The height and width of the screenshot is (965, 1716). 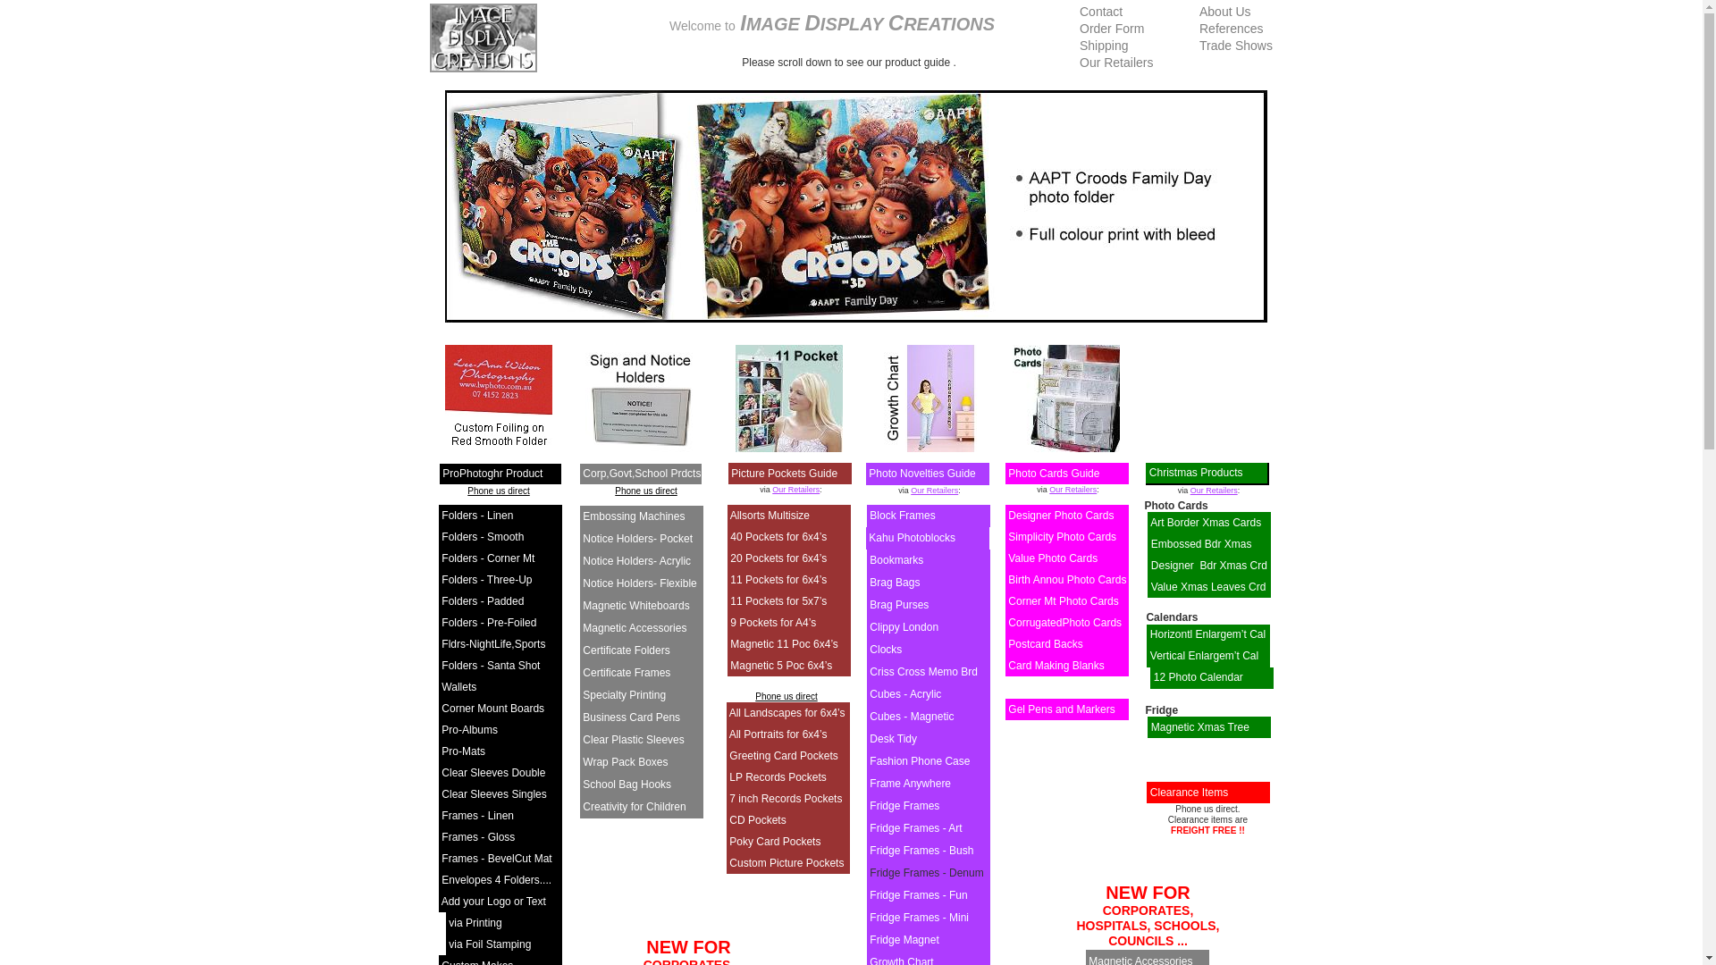 I want to click on 'Criss Cross Memo Brd', so click(x=923, y=672).